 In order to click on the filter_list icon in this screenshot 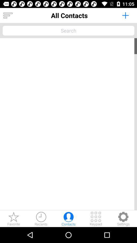, I will do `click(8, 15)`.